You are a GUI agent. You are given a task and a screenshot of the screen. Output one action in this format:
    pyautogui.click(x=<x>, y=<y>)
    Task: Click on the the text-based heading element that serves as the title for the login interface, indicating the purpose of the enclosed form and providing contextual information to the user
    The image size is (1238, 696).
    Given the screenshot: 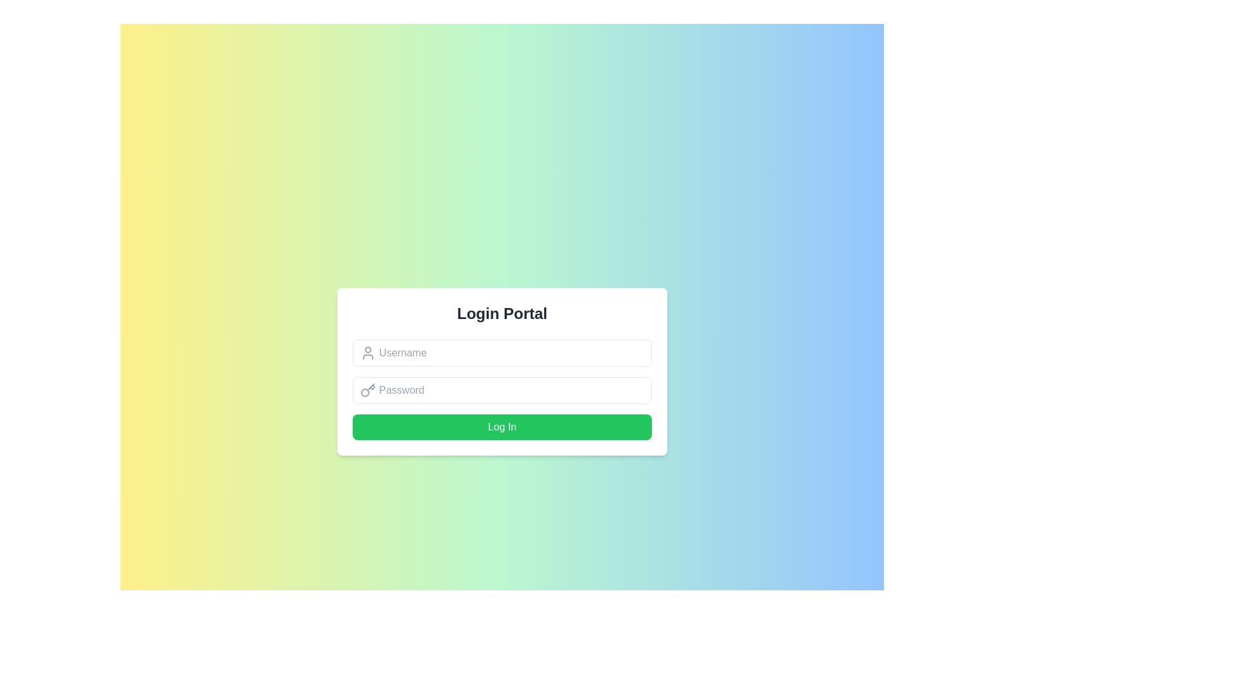 What is the action you would take?
    pyautogui.click(x=501, y=313)
    